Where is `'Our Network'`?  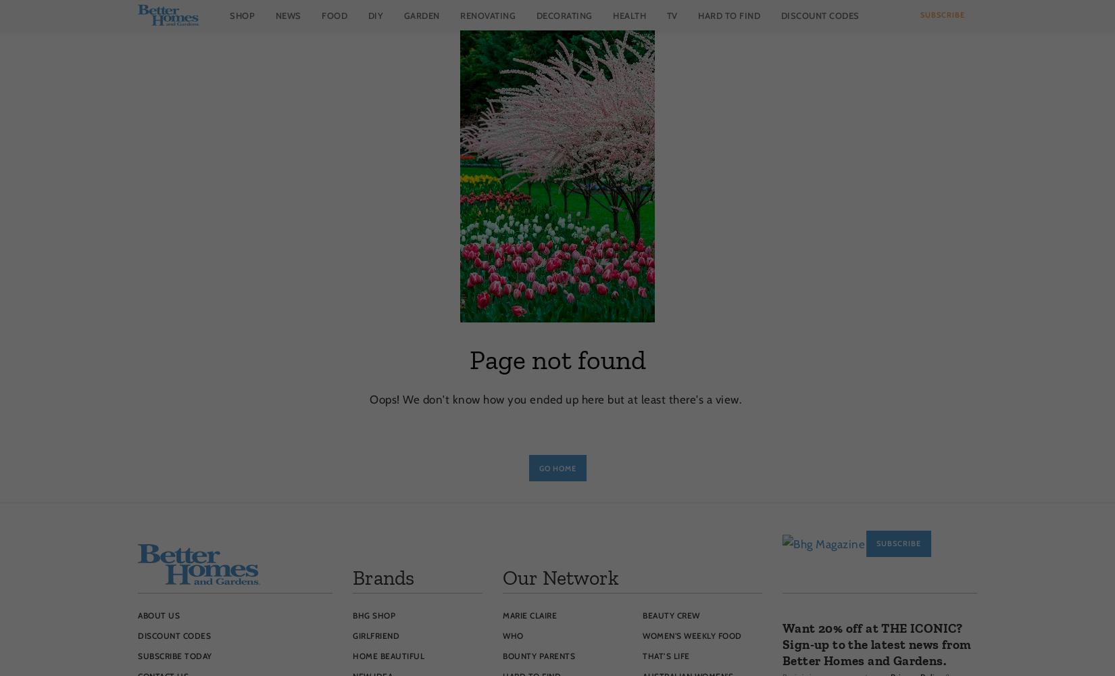
'Our Network' is located at coordinates (560, 577).